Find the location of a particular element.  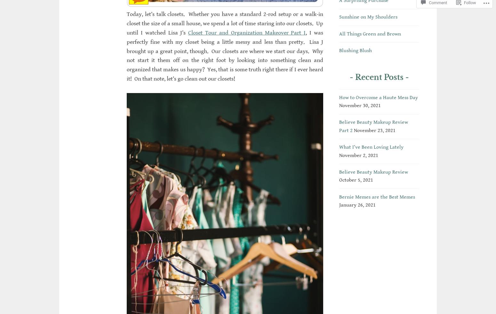

'November 2, 2021' is located at coordinates (339, 155).